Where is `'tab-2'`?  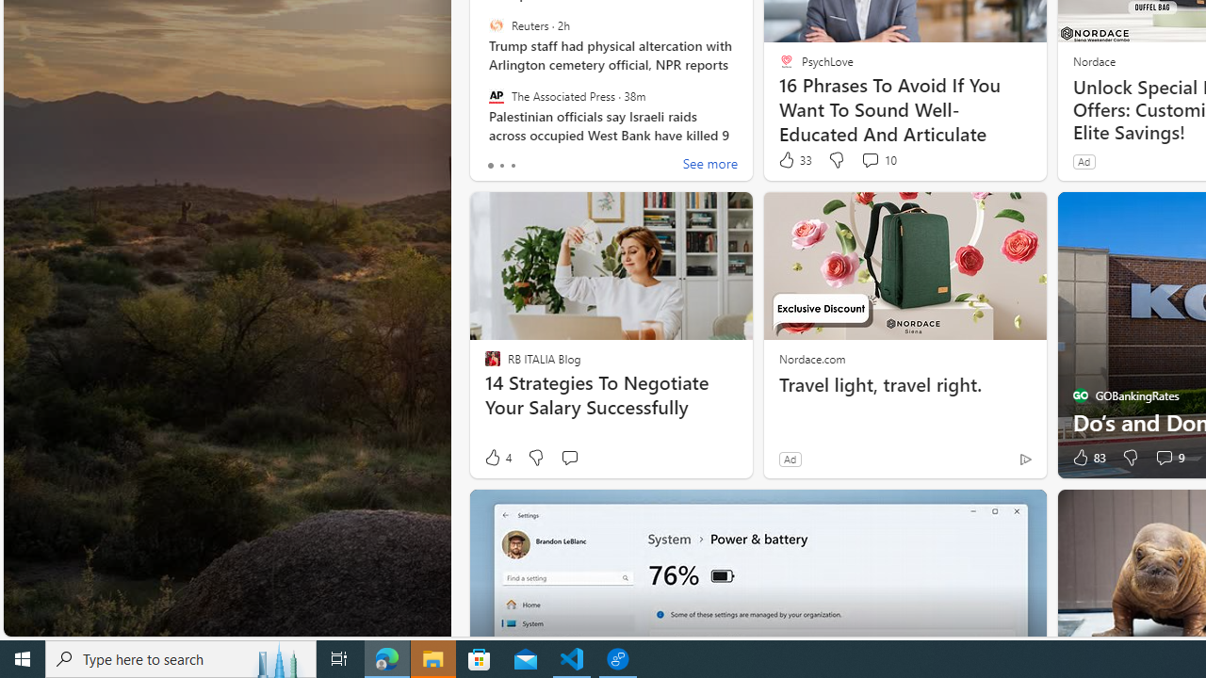
'tab-2' is located at coordinates (513, 165).